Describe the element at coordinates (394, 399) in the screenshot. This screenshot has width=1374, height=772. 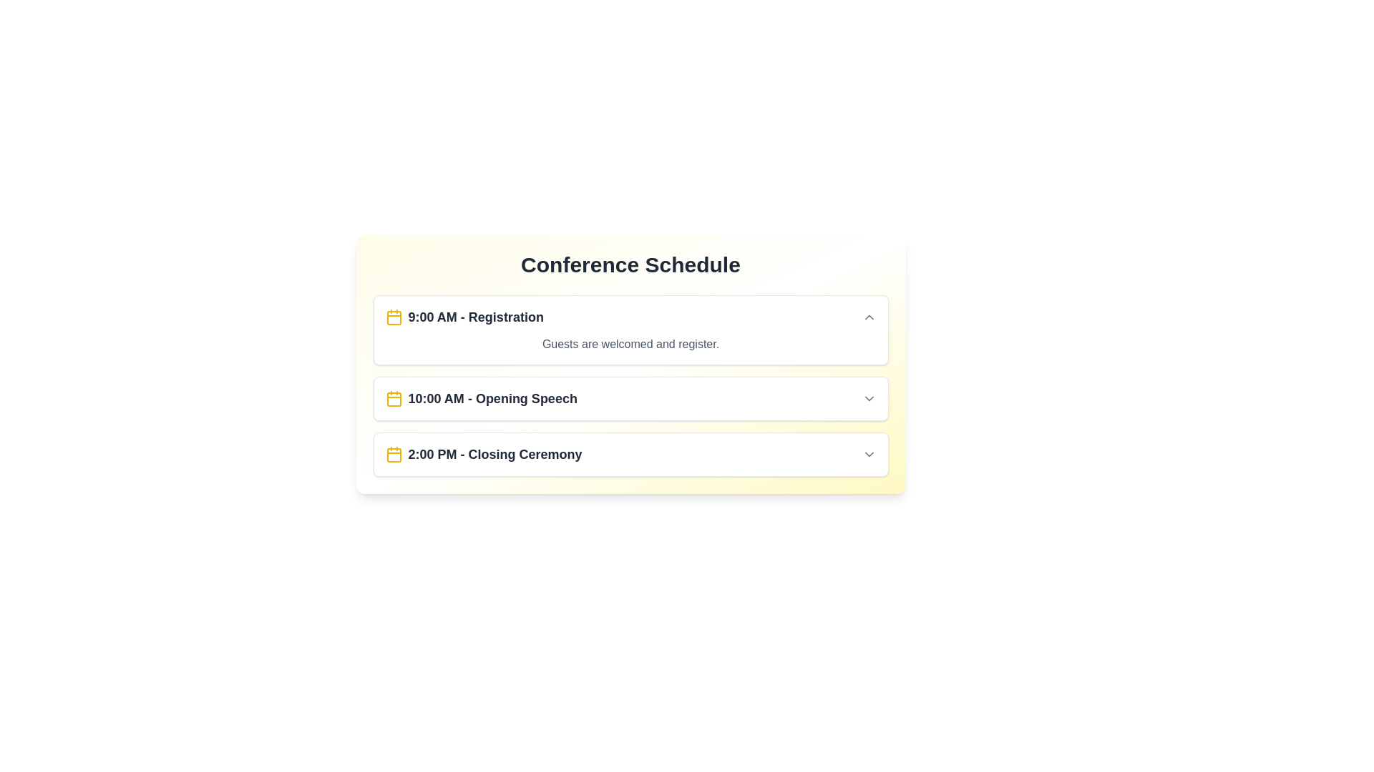
I see `the calendar icon located to the left of the text '10:00 AM - Opening Speech' in the schedule list` at that location.